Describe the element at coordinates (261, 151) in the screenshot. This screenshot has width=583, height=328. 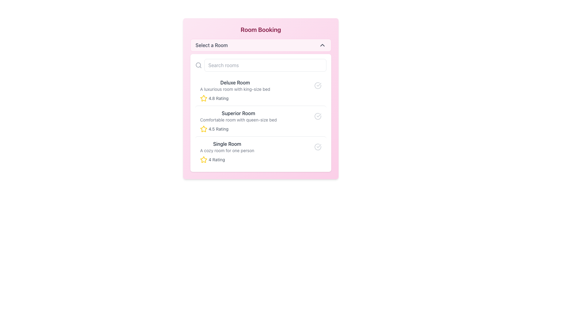
I see `the third room option card in the 'Room Booking' interface` at that location.